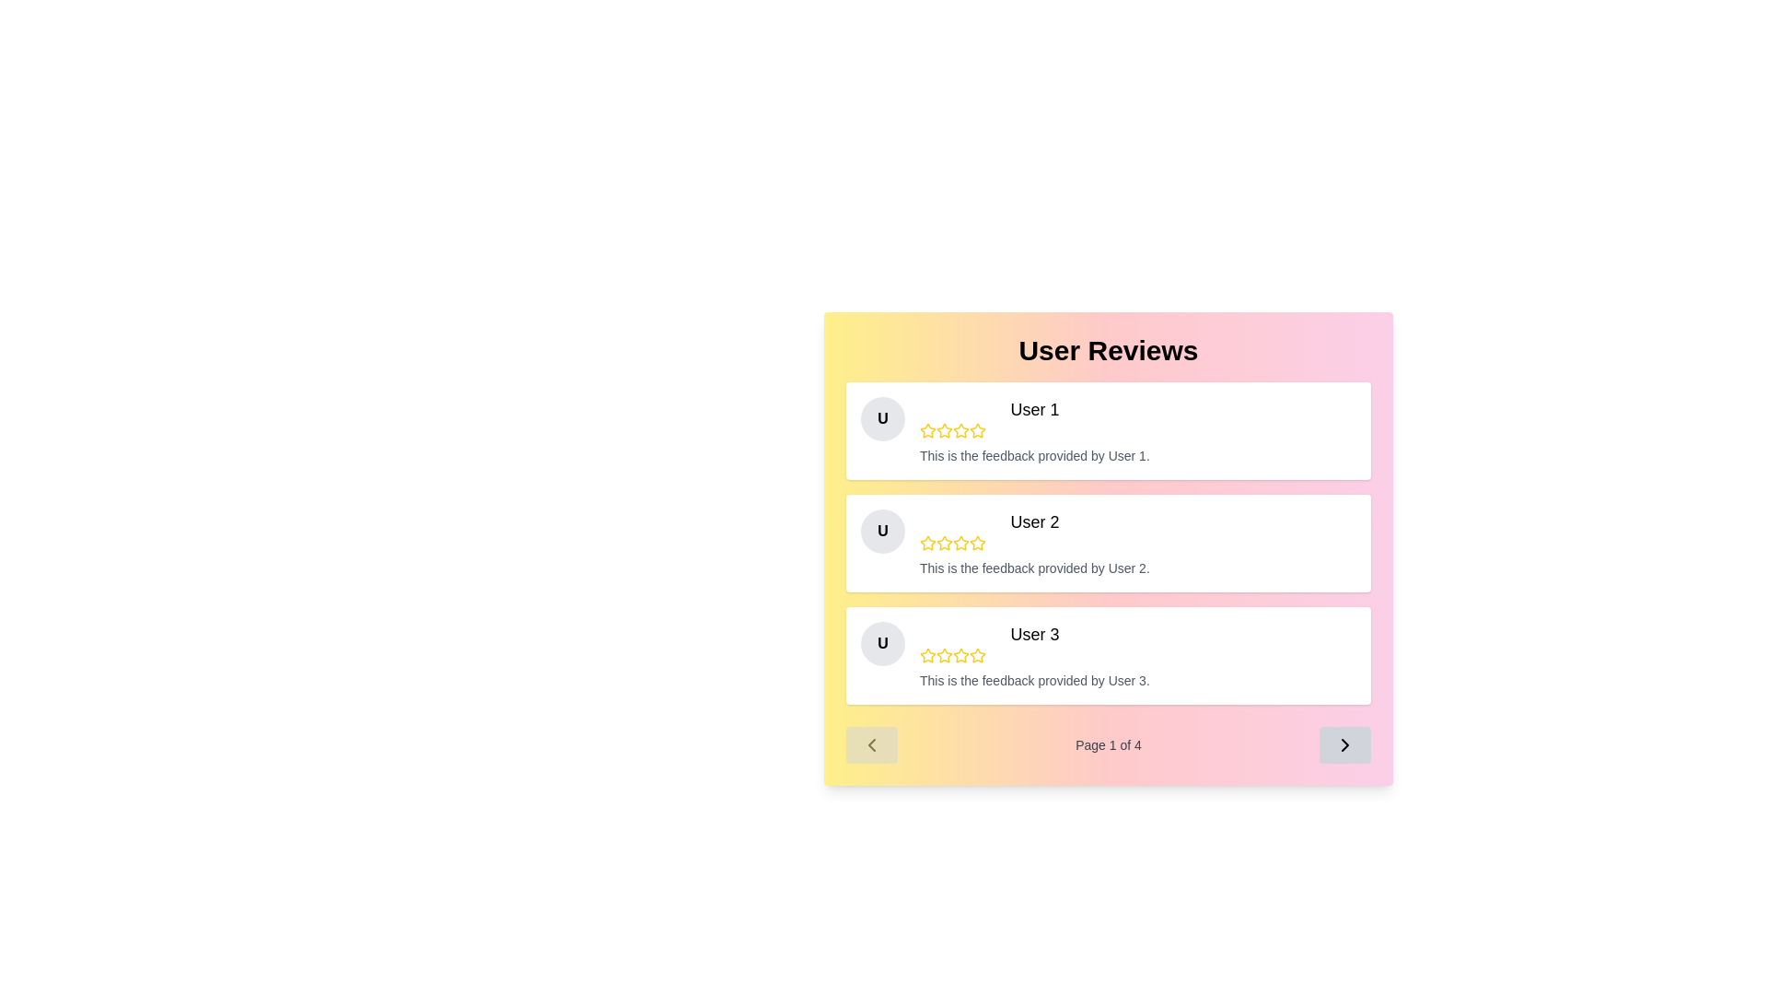 This screenshot has height=995, width=1768. Describe the element at coordinates (1344, 744) in the screenshot. I see `the round-edged, gray-colored button in the bottom-right corner of the user review widget` at that location.